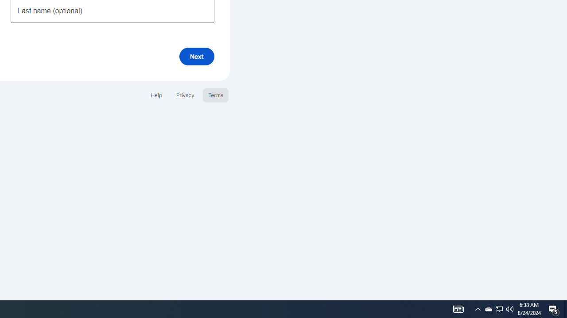 This screenshot has height=318, width=567. What do you see at coordinates (196, 56) in the screenshot?
I see `'Next'` at bounding box center [196, 56].